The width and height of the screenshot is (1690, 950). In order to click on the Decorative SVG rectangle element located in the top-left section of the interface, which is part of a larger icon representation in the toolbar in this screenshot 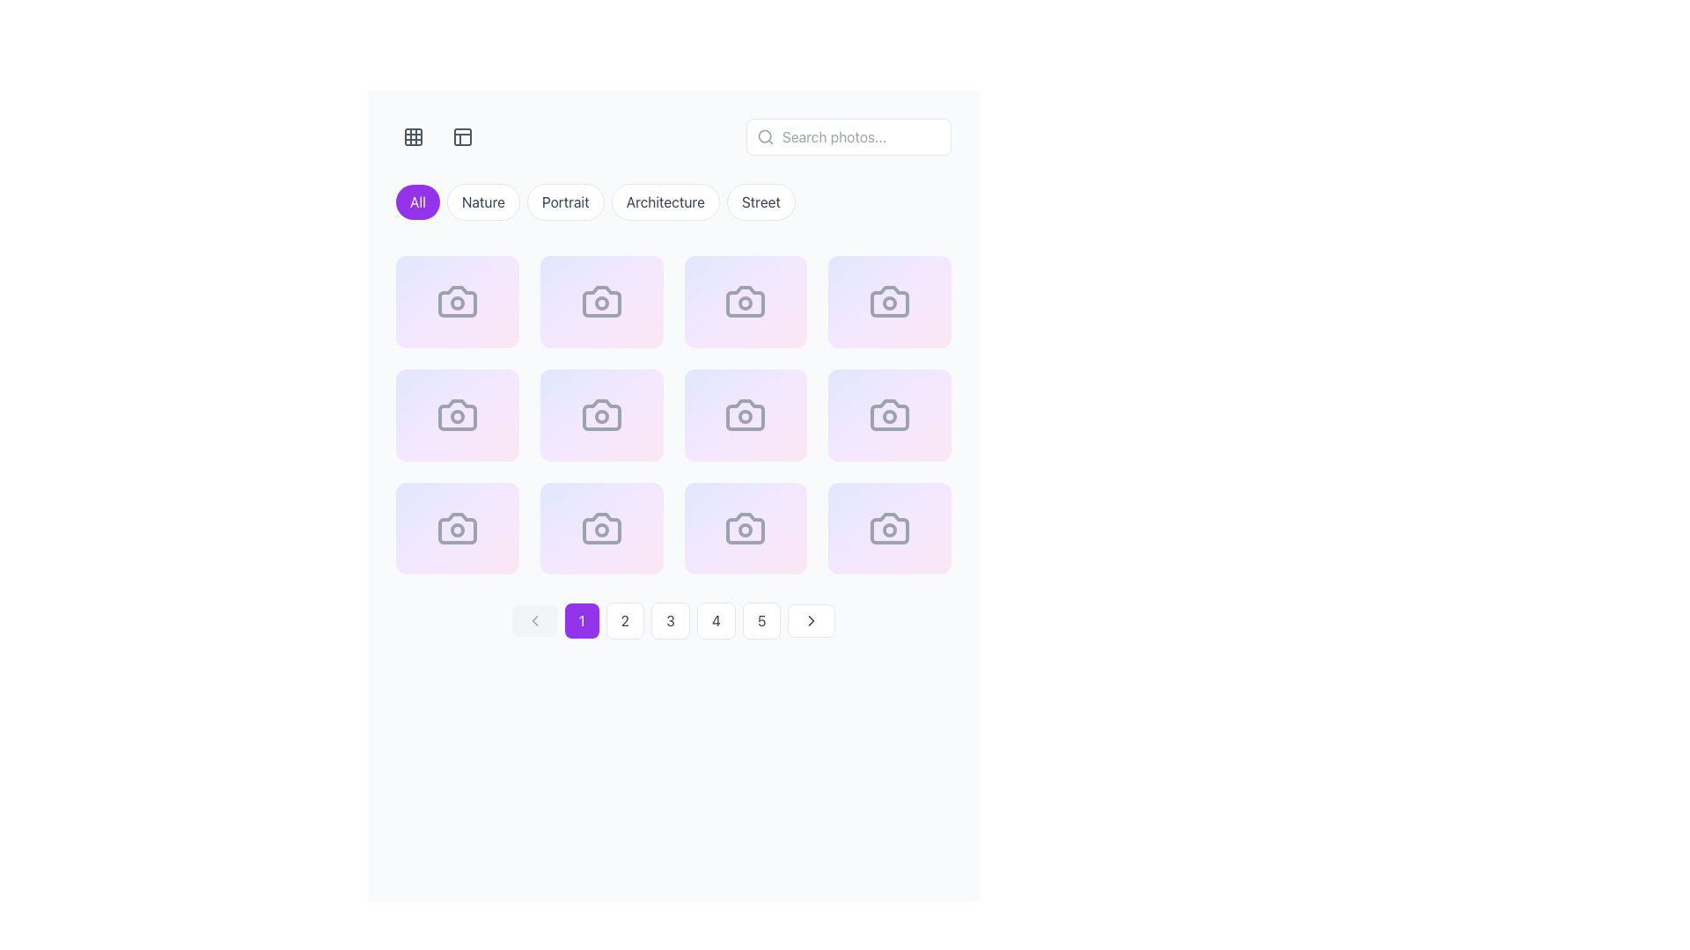, I will do `click(463, 135)`.